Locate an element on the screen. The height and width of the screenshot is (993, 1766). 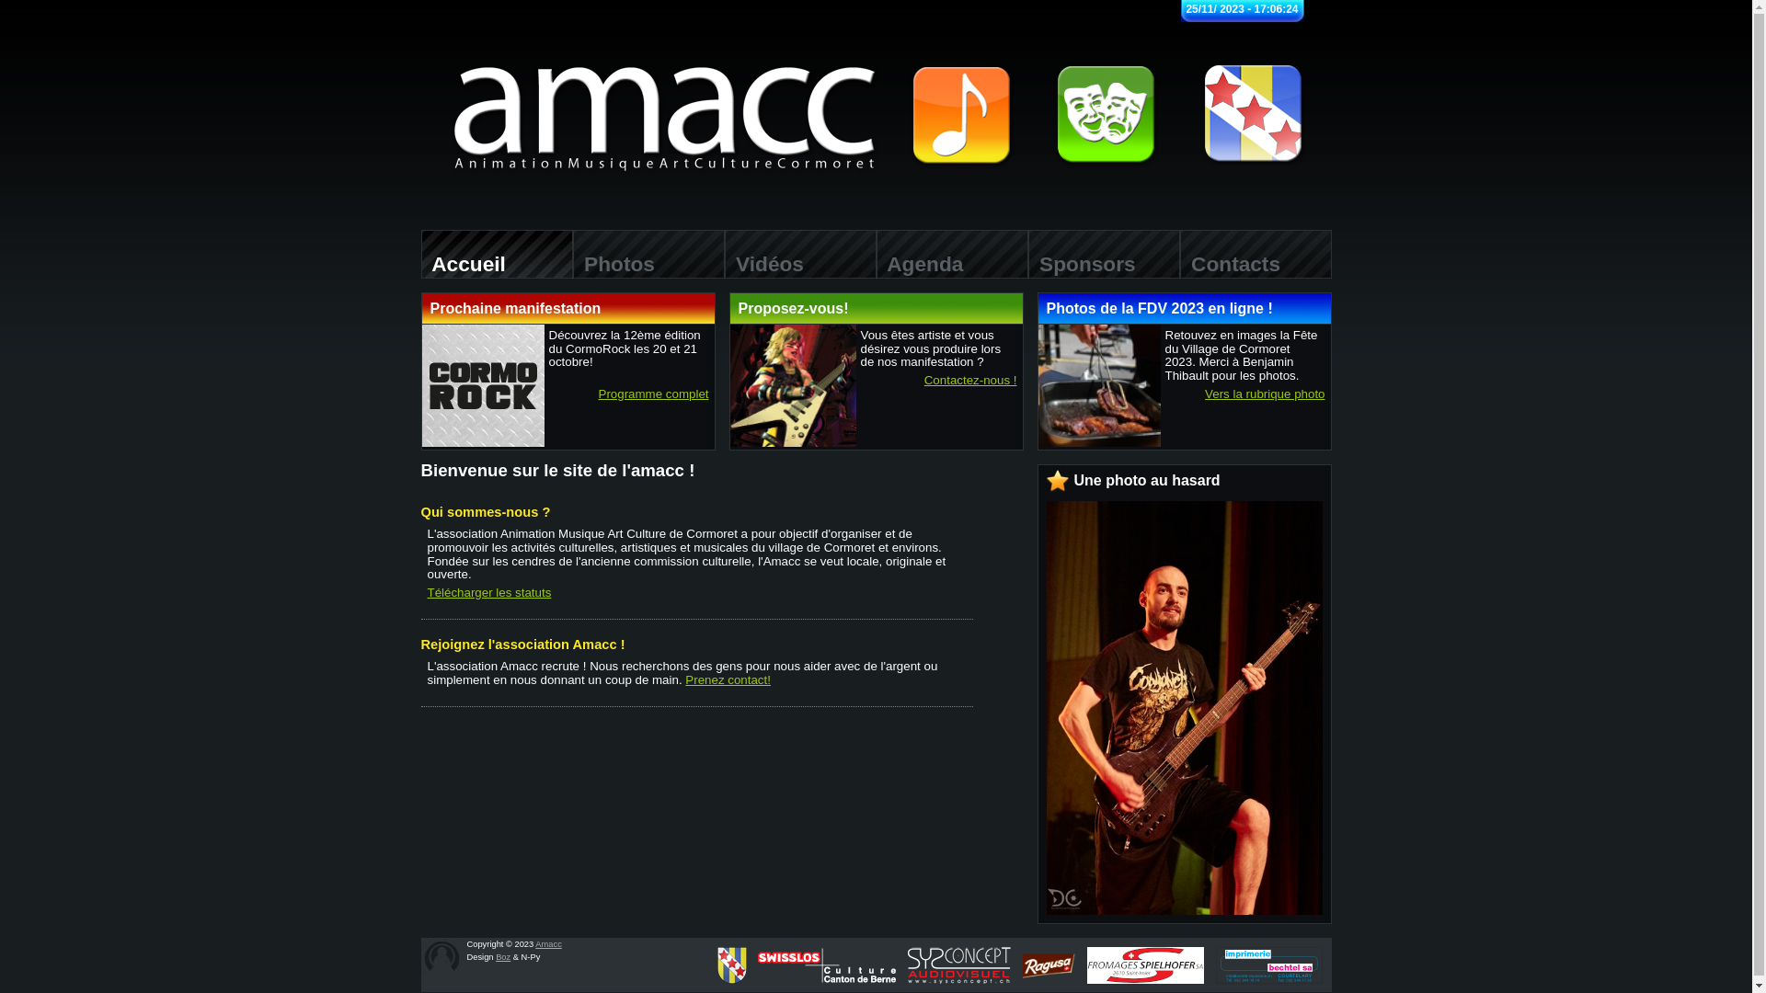
'  Contacts' is located at coordinates (1254, 254).